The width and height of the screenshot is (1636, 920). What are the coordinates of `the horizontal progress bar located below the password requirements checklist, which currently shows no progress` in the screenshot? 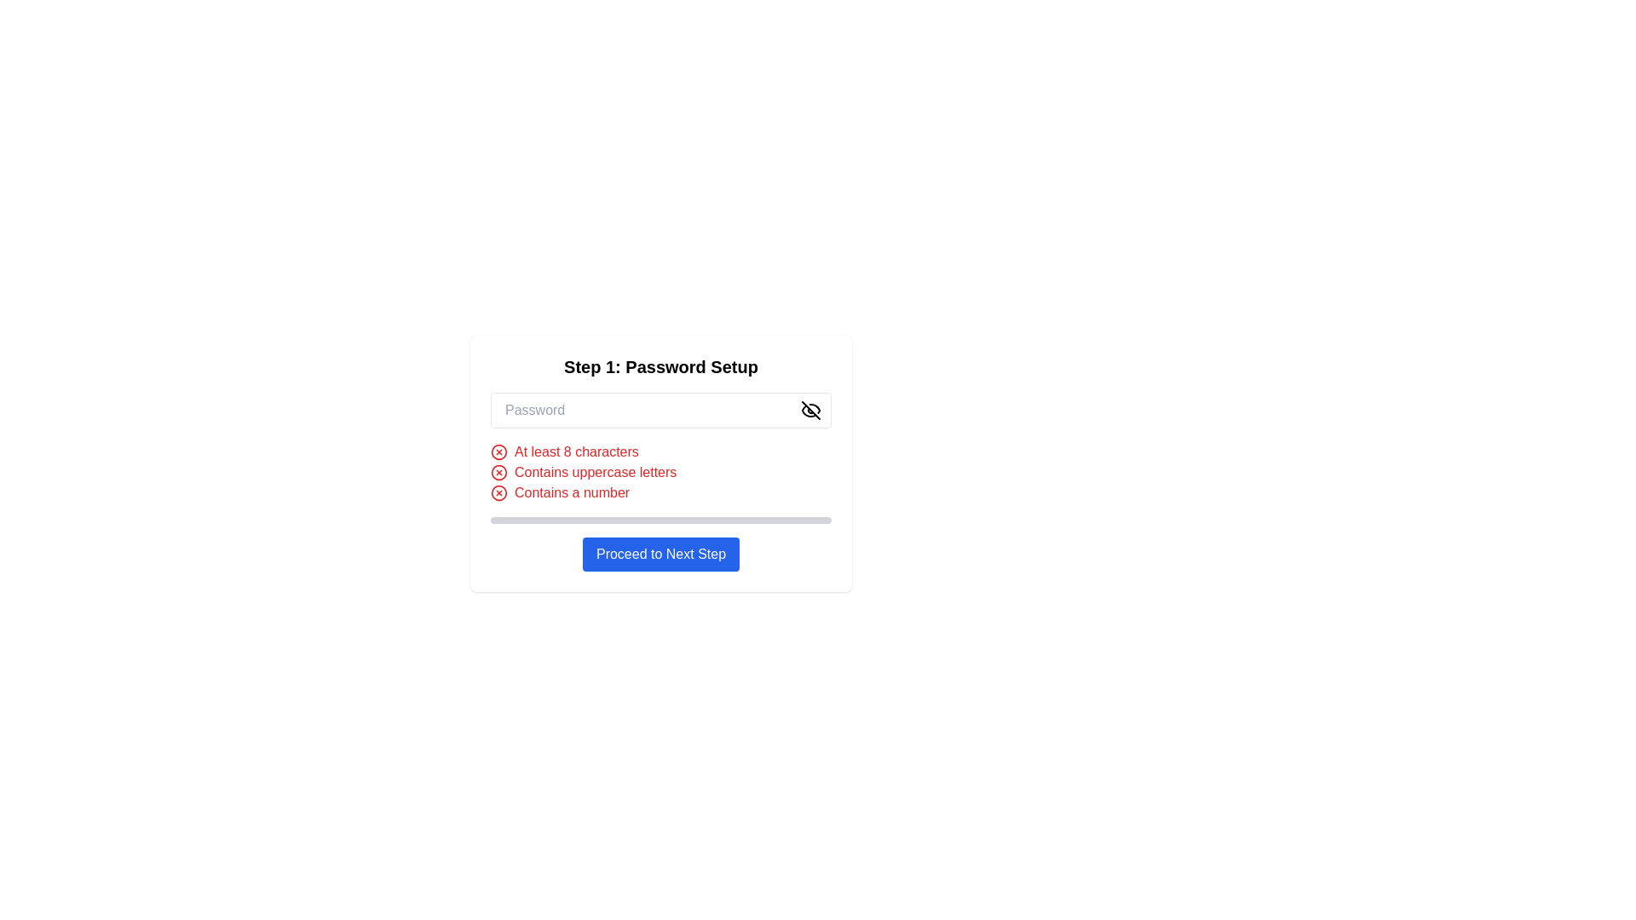 It's located at (660, 512).